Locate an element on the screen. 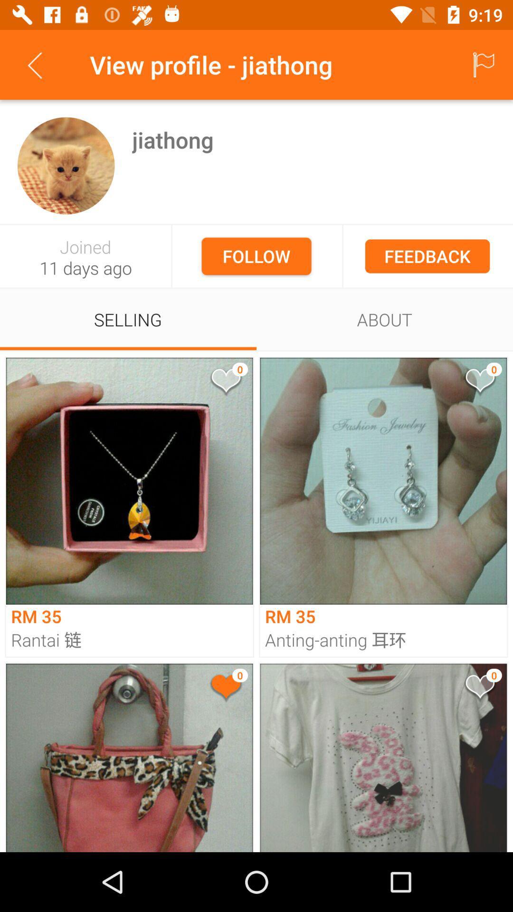  favorite is located at coordinates (225, 688).